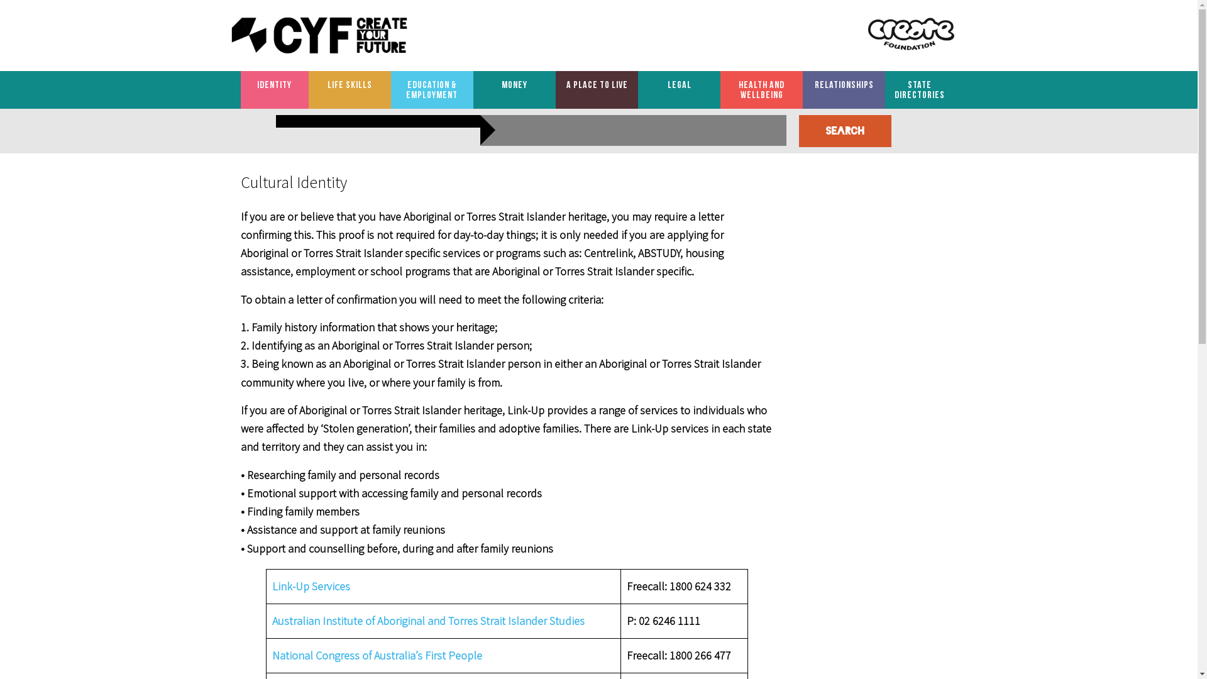 Image resolution: width=1207 pixels, height=679 pixels. Describe the element at coordinates (845, 131) in the screenshot. I see `'Search'` at that location.